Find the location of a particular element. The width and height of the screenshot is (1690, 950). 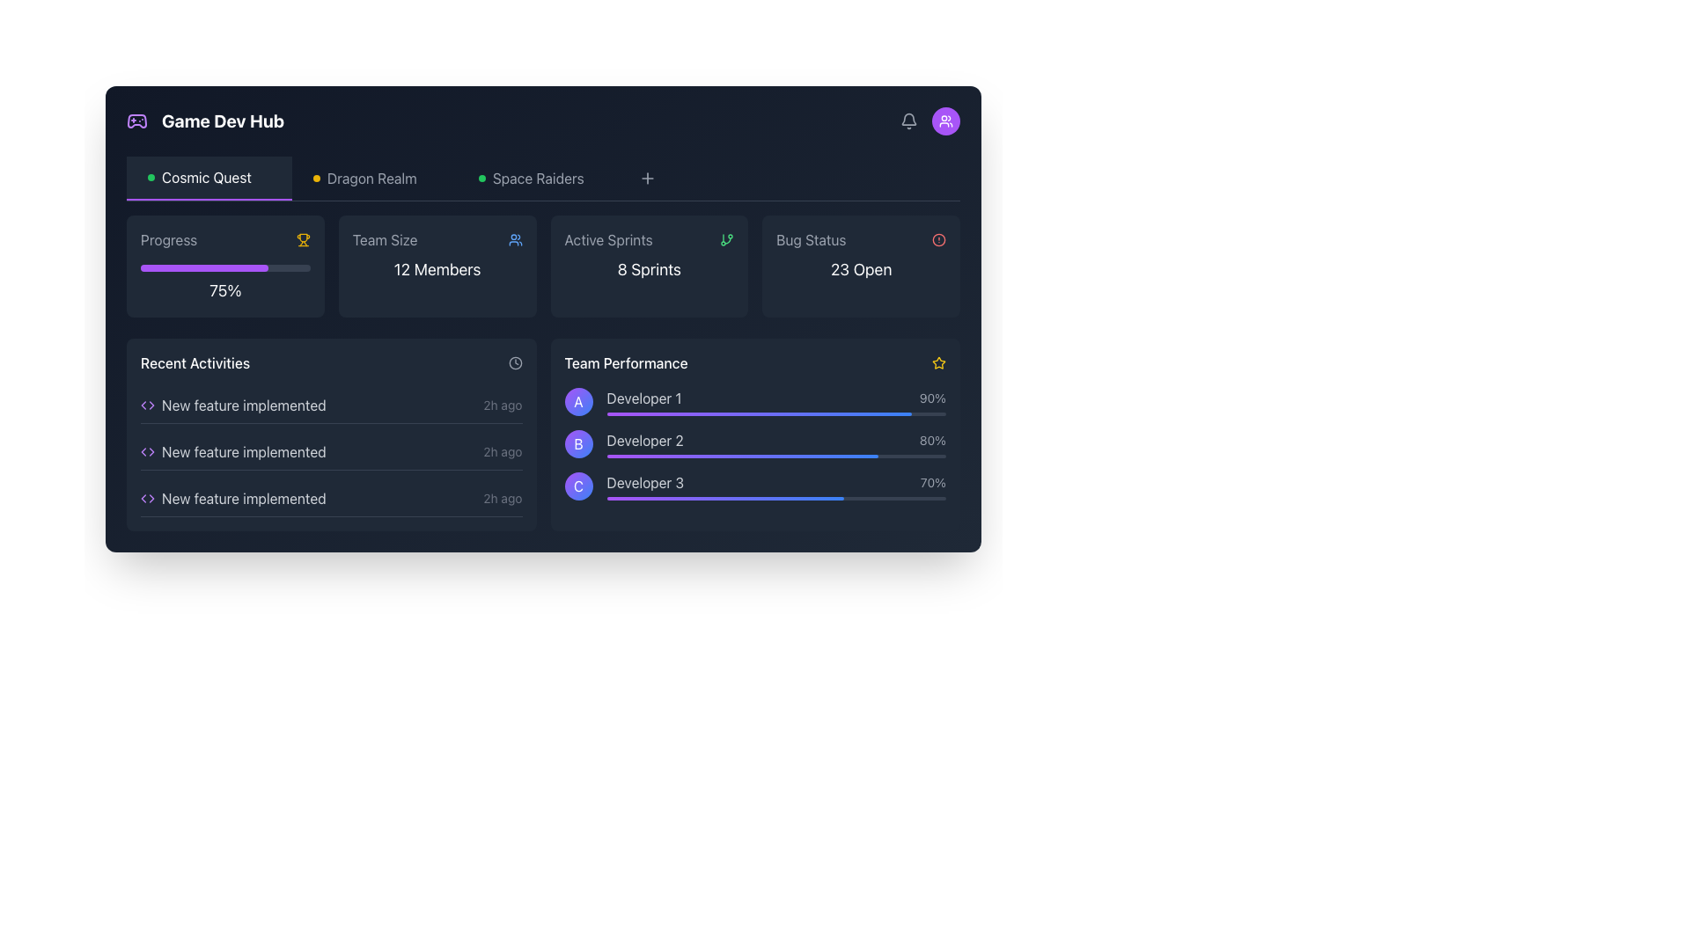

the gray text label displaying '2h ago', which indicates time-related information and is positioned in the 'Recent Activities' section next to the entry labeled 'New feature implemented' is located at coordinates (502, 499).